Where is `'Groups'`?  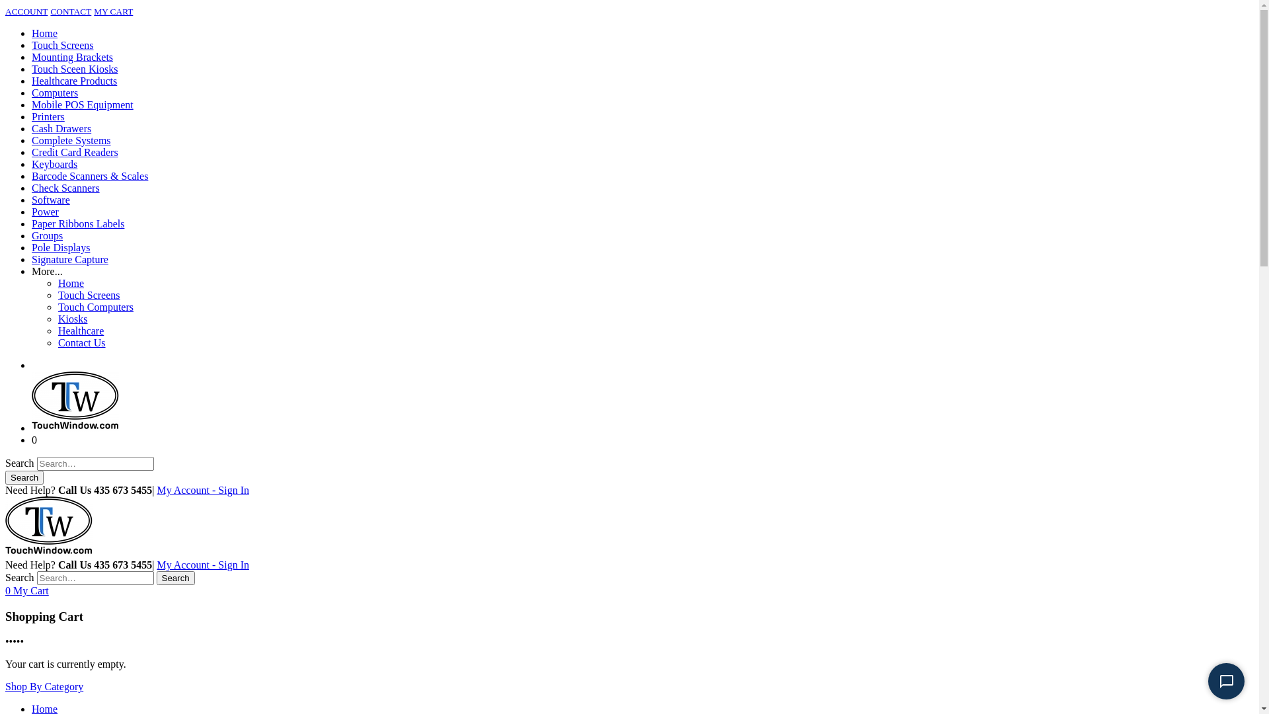
'Groups' is located at coordinates (47, 235).